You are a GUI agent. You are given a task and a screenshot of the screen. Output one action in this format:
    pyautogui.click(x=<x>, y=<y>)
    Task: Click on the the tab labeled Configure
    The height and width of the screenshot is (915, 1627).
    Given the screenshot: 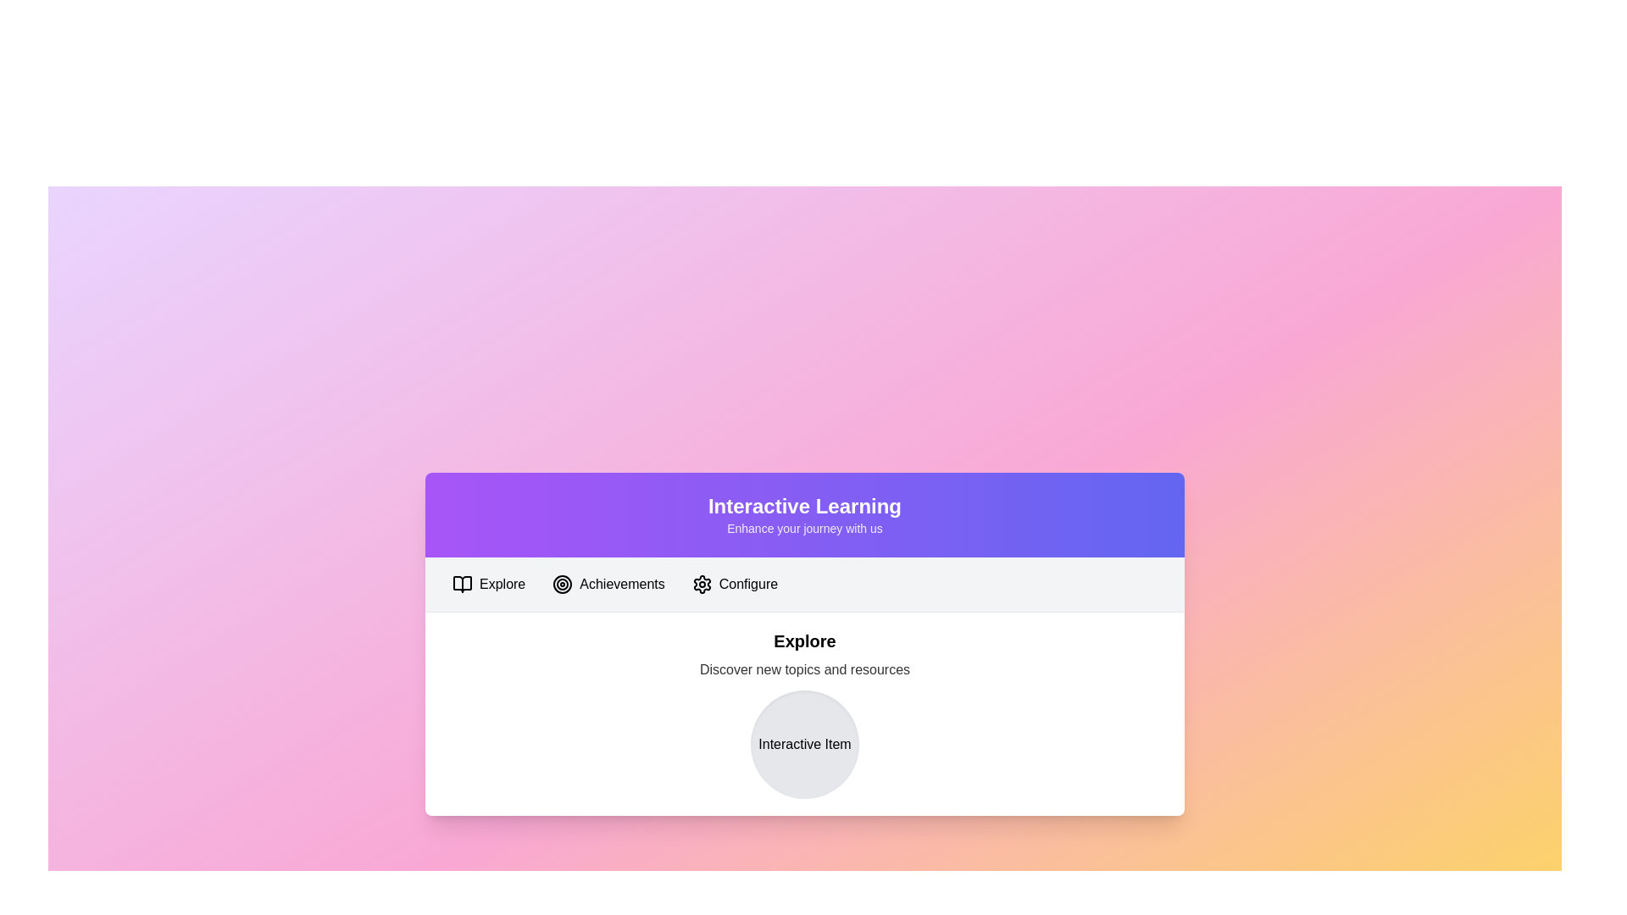 What is the action you would take?
    pyautogui.click(x=735, y=583)
    